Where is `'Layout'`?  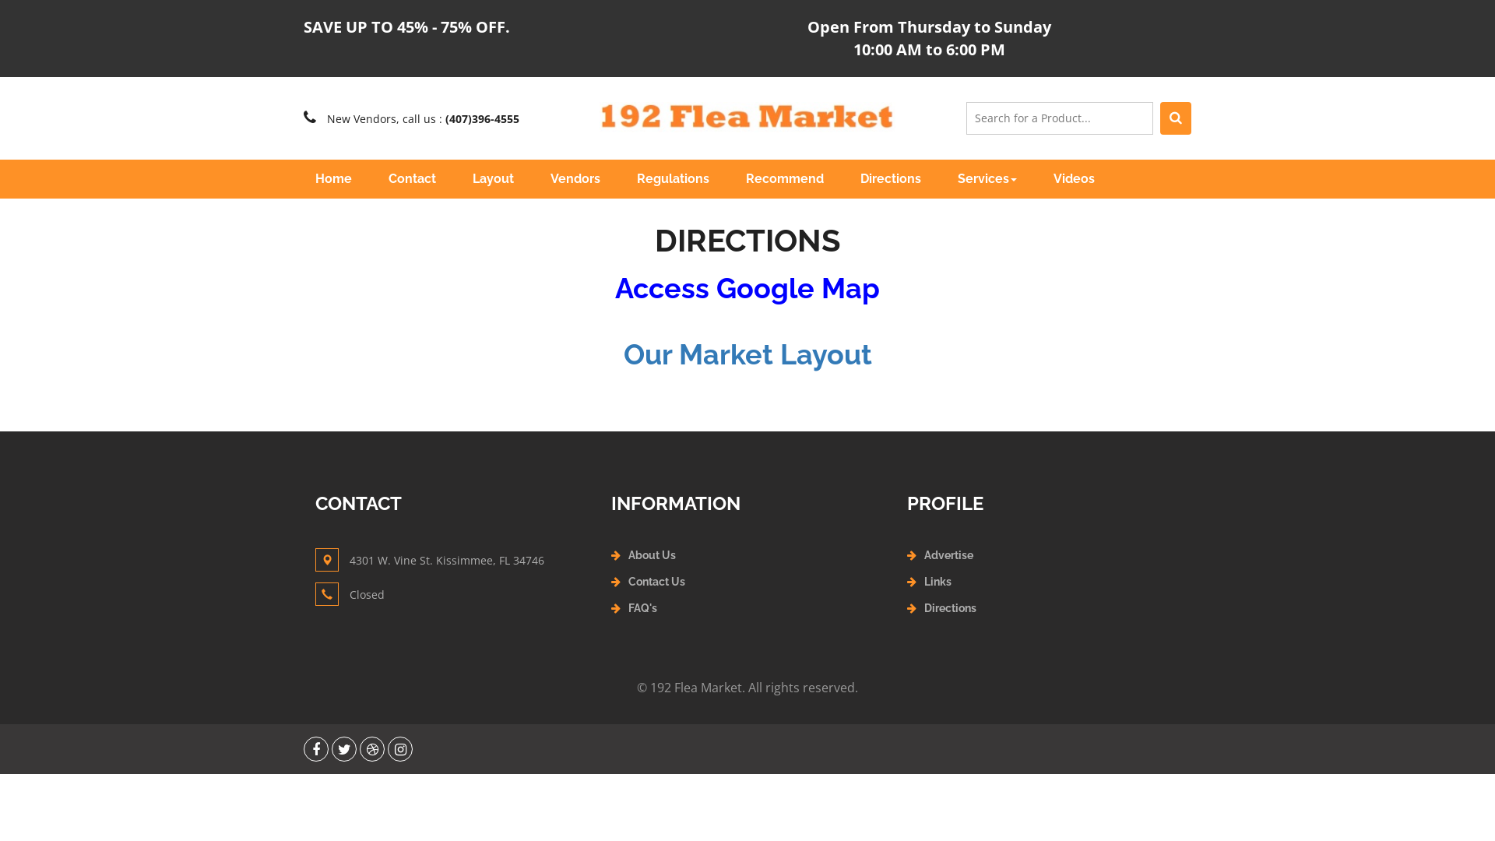 'Layout' is located at coordinates (492, 178).